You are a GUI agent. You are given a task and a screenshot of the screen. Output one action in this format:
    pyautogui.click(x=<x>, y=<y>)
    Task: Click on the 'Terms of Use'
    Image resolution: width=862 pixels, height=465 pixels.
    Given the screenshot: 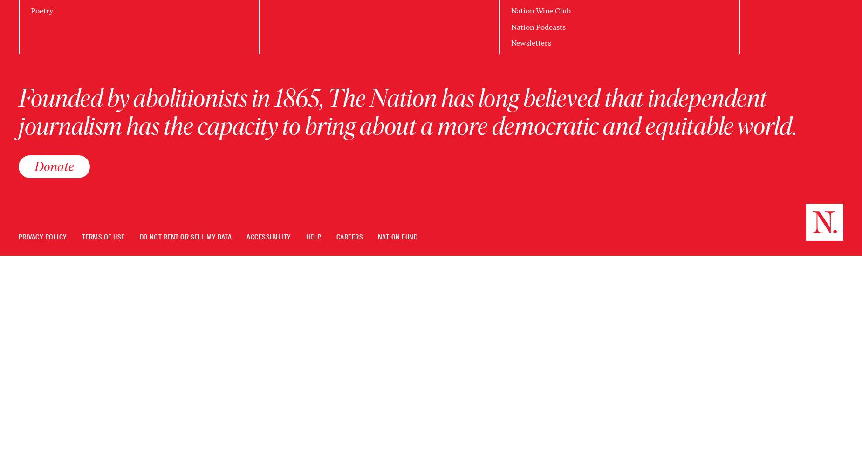 What is the action you would take?
    pyautogui.click(x=103, y=237)
    